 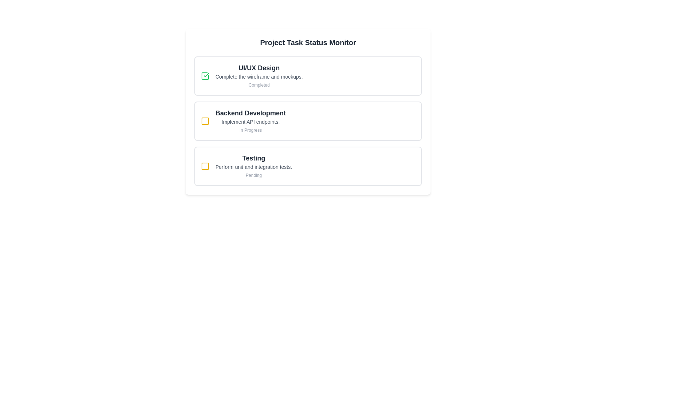 I want to click on the green checkbox with a checkmark beside 'UI/UX Design', so click(x=205, y=76).